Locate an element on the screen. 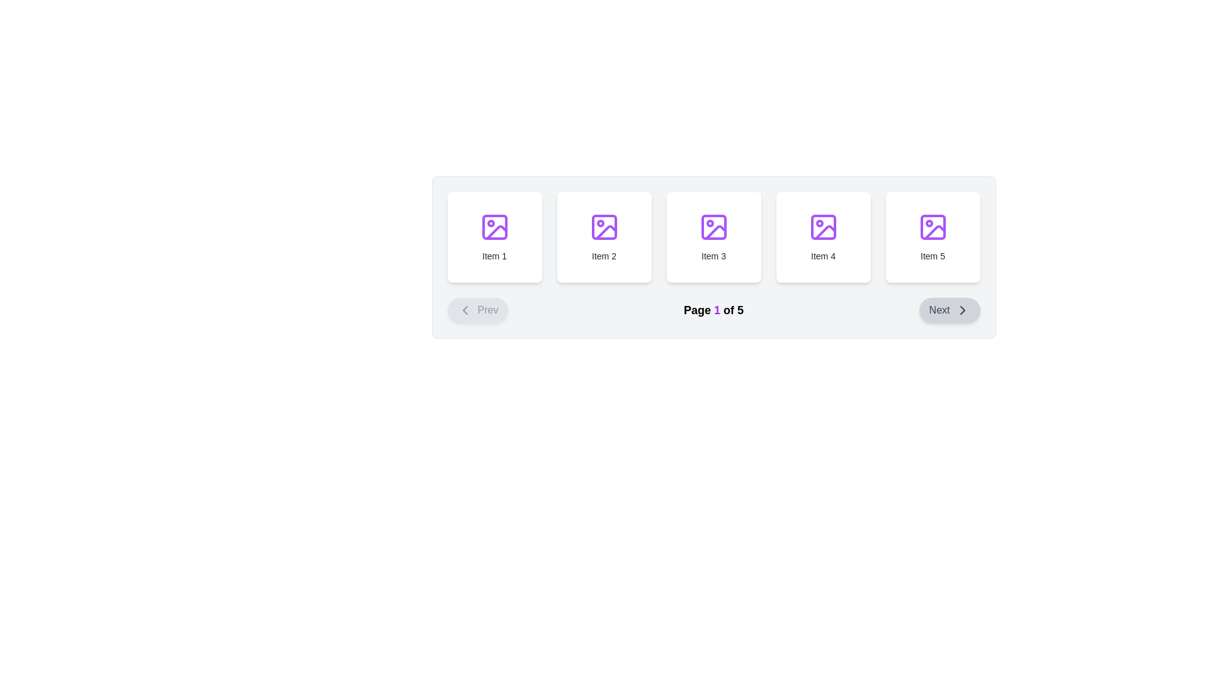 Image resolution: width=1209 pixels, height=680 pixels. the graphical shape that is part of the fifth icon labeled 'Item 5', located at the rightmost position of a horizontally aligned list of icons is located at coordinates (933, 227).